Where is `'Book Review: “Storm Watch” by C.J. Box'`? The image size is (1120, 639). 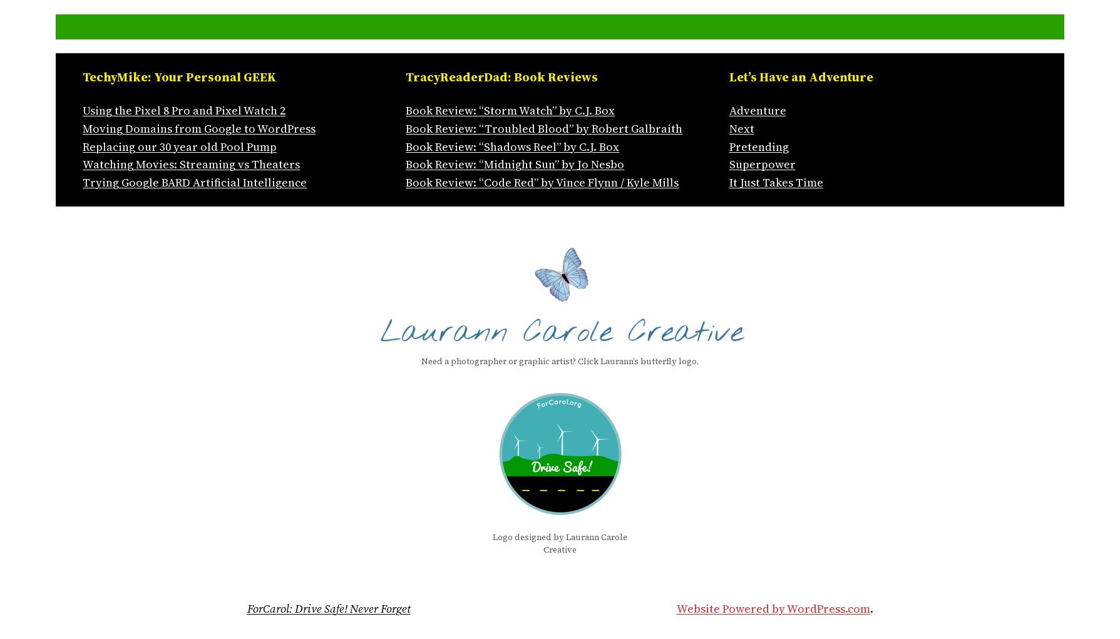
'Book Review: “Storm Watch” by C.J. Box' is located at coordinates (510, 110).